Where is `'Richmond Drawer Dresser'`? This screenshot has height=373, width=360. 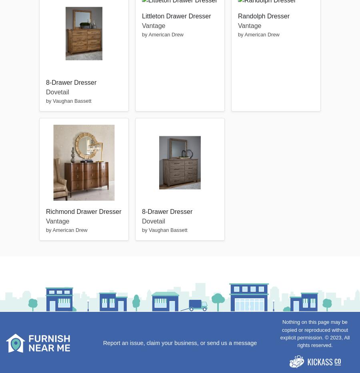 'Richmond Drawer Dresser' is located at coordinates (83, 211).